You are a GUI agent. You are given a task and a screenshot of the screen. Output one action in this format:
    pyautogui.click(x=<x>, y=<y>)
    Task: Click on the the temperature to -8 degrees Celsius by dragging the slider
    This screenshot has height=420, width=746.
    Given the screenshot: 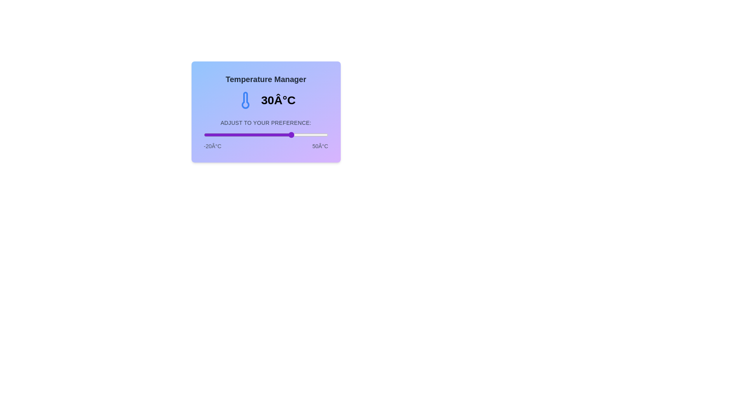 What is the action you would take?
    pyautogui.click(x=225, y=135)
    